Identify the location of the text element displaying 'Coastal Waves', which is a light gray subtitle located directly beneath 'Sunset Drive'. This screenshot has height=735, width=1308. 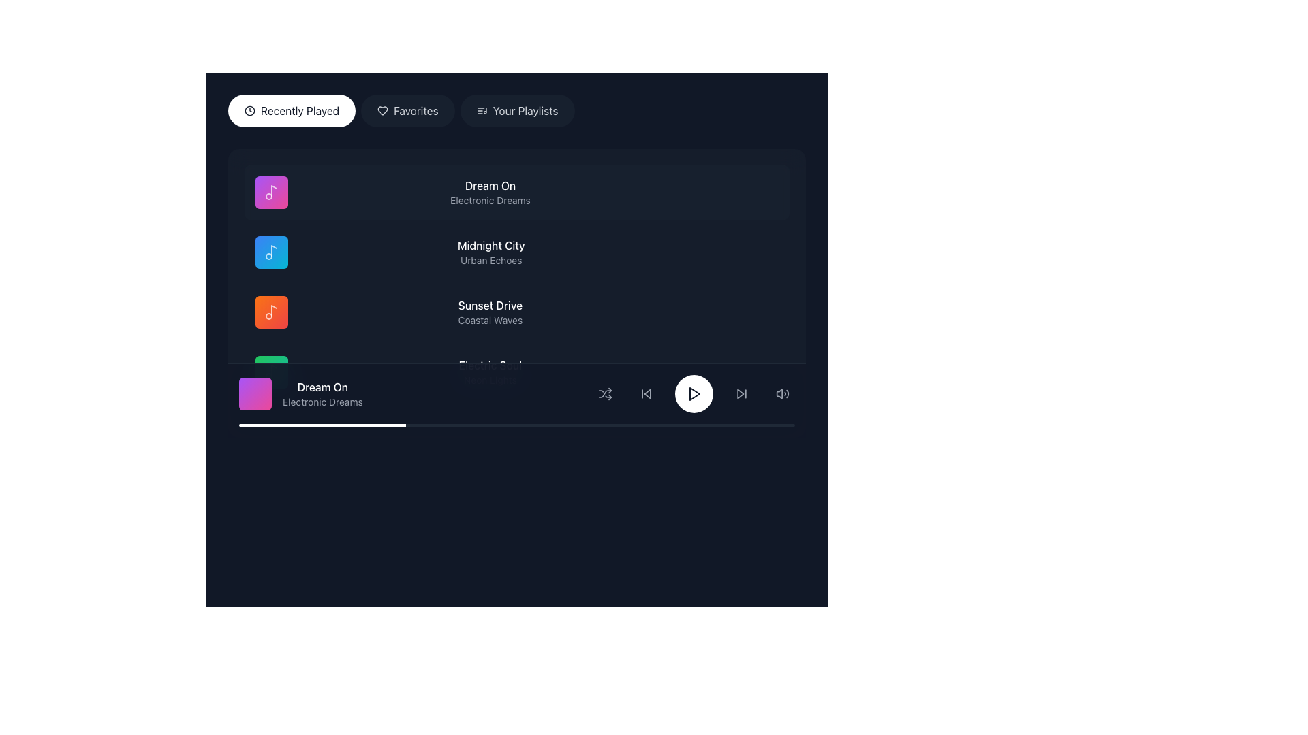
(490, 320).